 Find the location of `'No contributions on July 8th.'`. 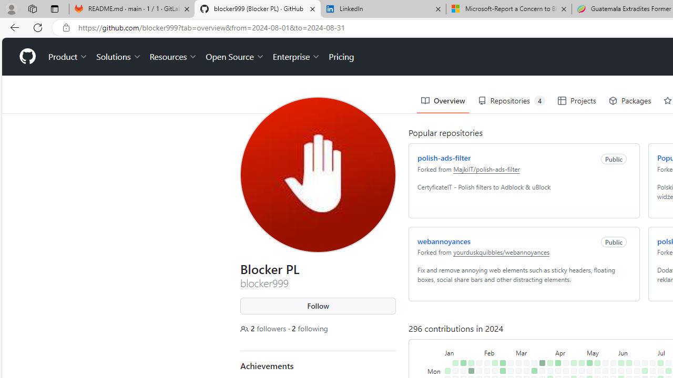

'No contributions on July 8th.' is located at coordinates (660, 370).